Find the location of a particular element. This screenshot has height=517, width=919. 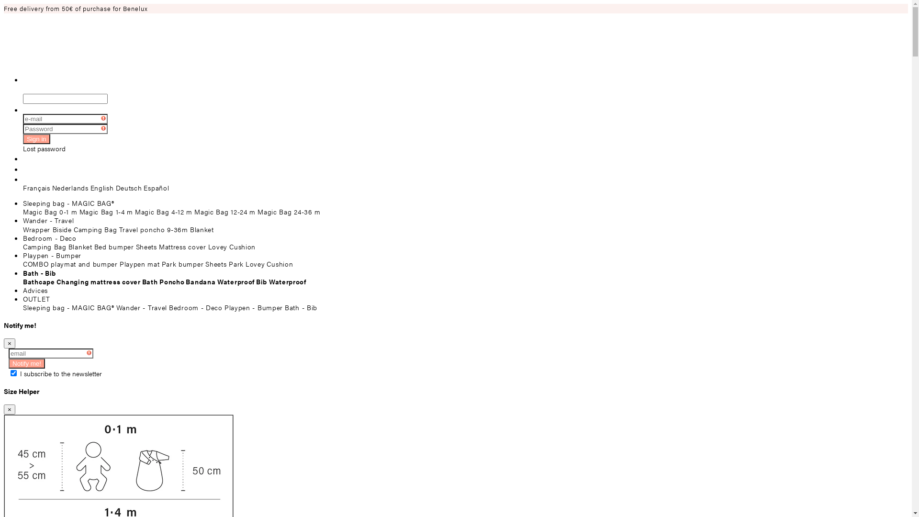

'Lovey' is located at coordinates (217, 246).